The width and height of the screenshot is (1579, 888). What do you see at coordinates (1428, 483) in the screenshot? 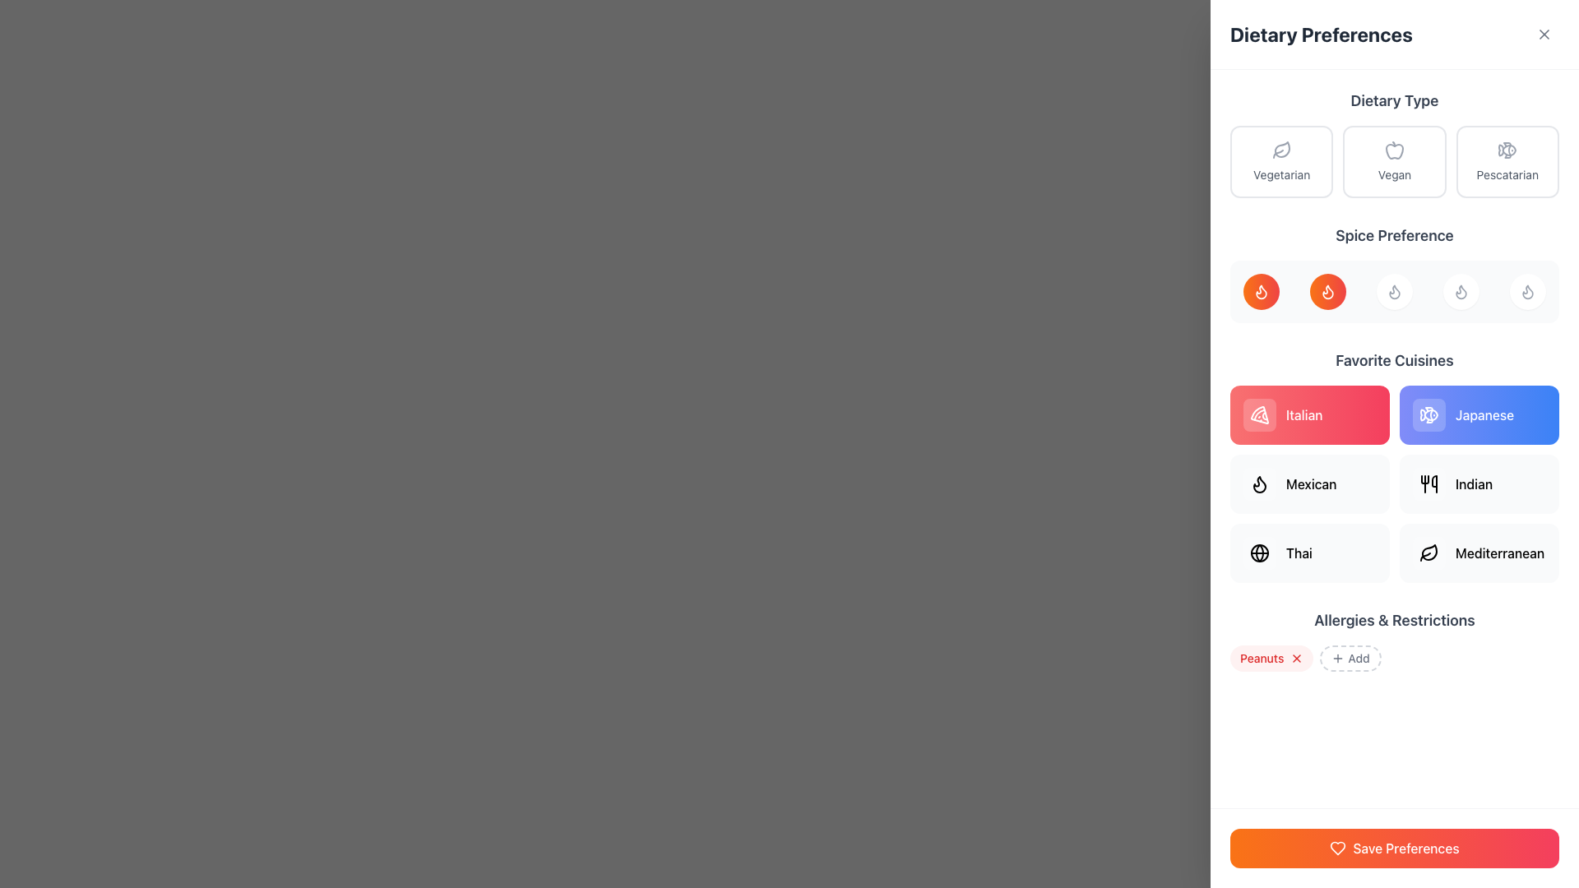
I see `the 'Indian' cuisine icon located in the 'Favorite Cuisines' section, positioned next to 'Thai' and below 'Japanese'` at bounding box center [1428, 483].